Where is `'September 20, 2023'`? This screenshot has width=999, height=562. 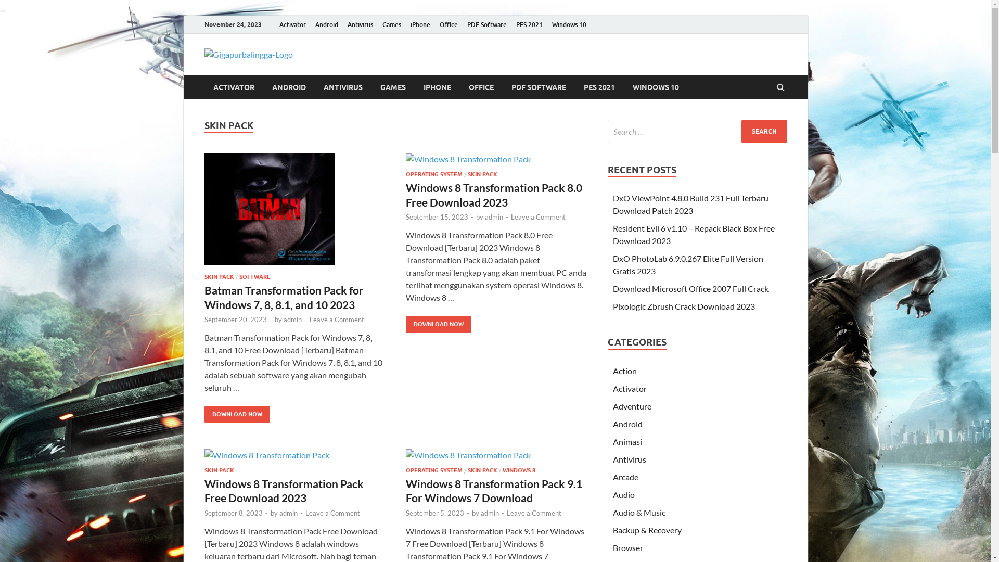
'September 20, 2023' is located at coordinates (234, 318).